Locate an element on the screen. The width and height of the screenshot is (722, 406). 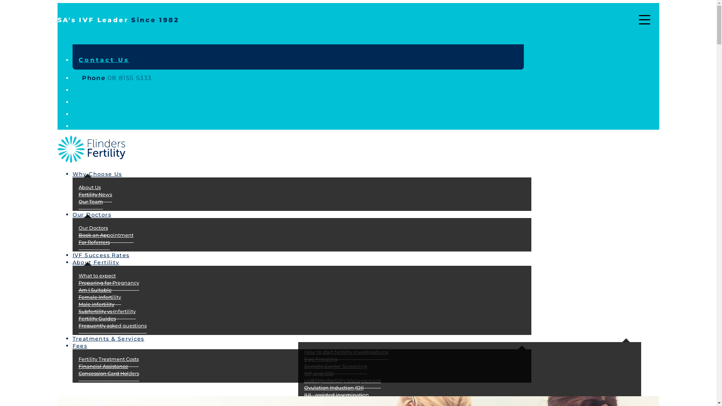
'Our Doctors' is located at coordinates (97, 213).